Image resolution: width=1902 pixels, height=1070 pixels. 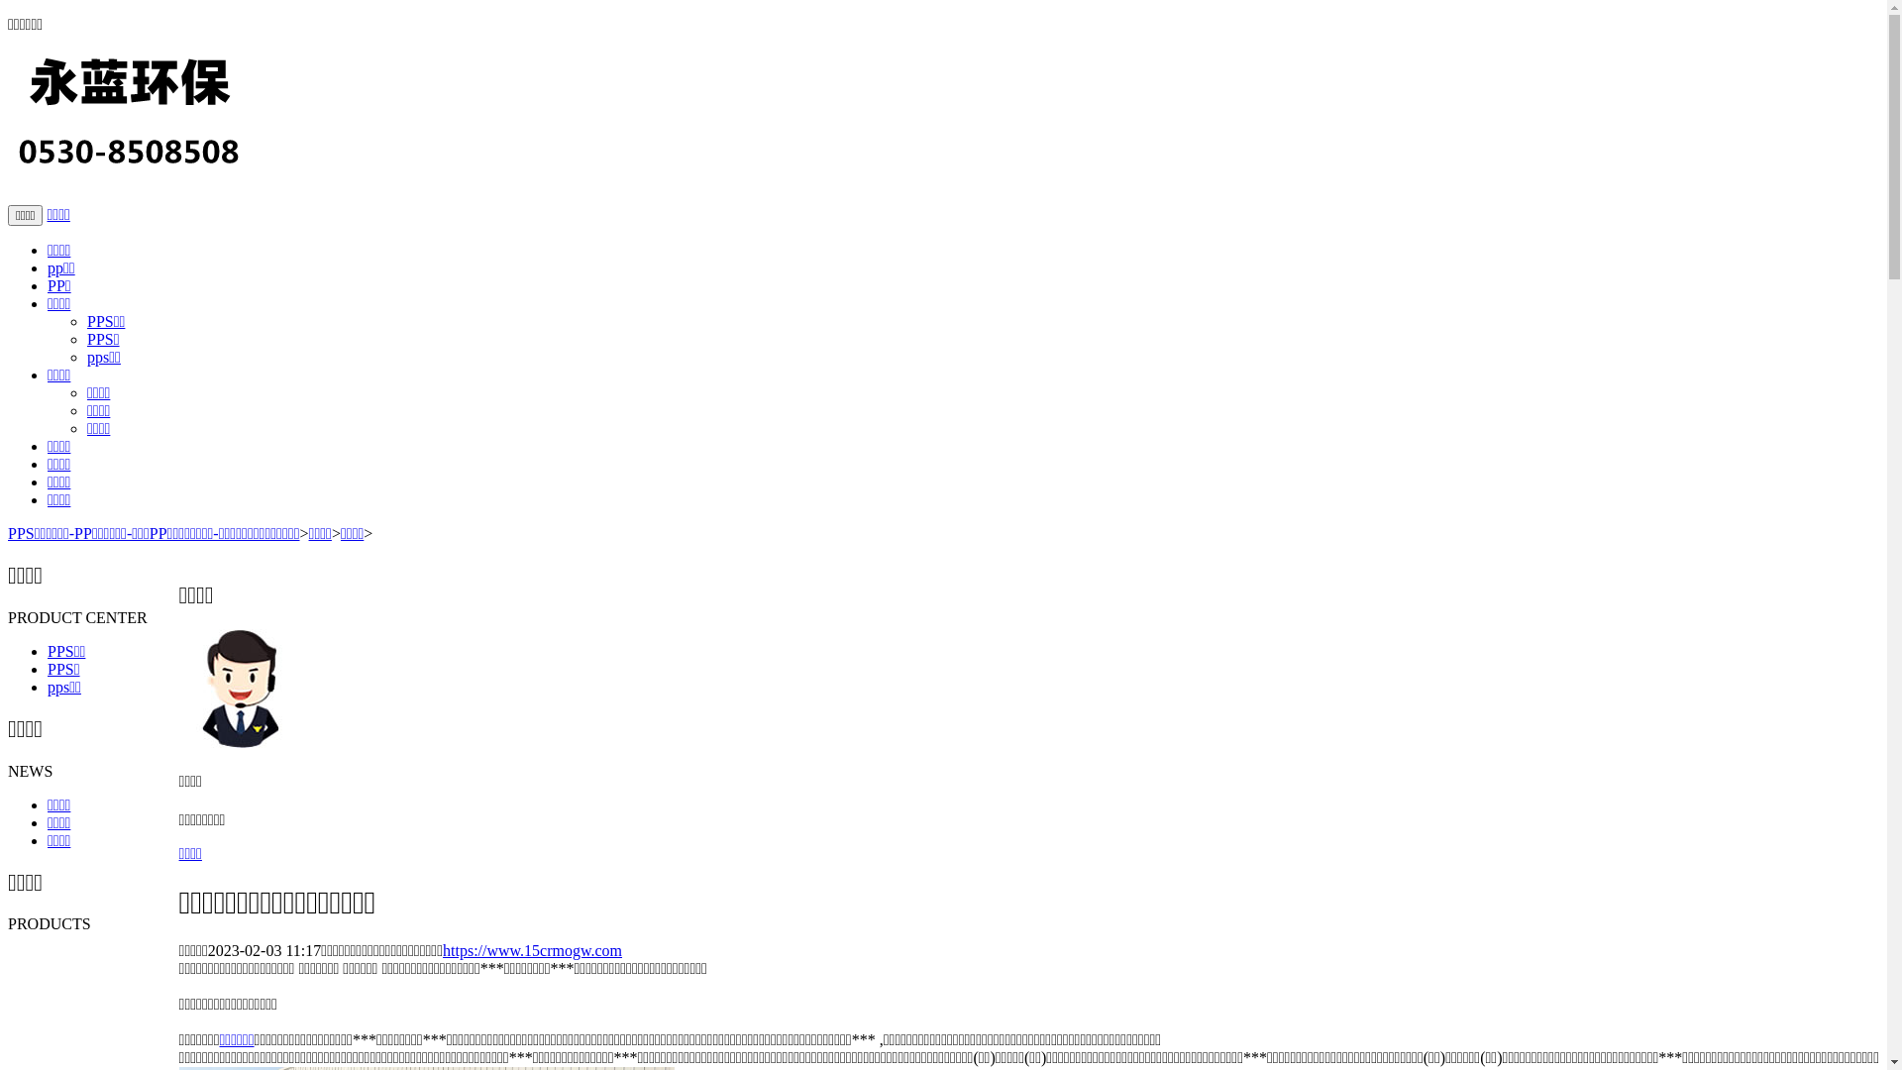 I want to click on 'https://www.15crmogw.com', so click(x=532, y=949).